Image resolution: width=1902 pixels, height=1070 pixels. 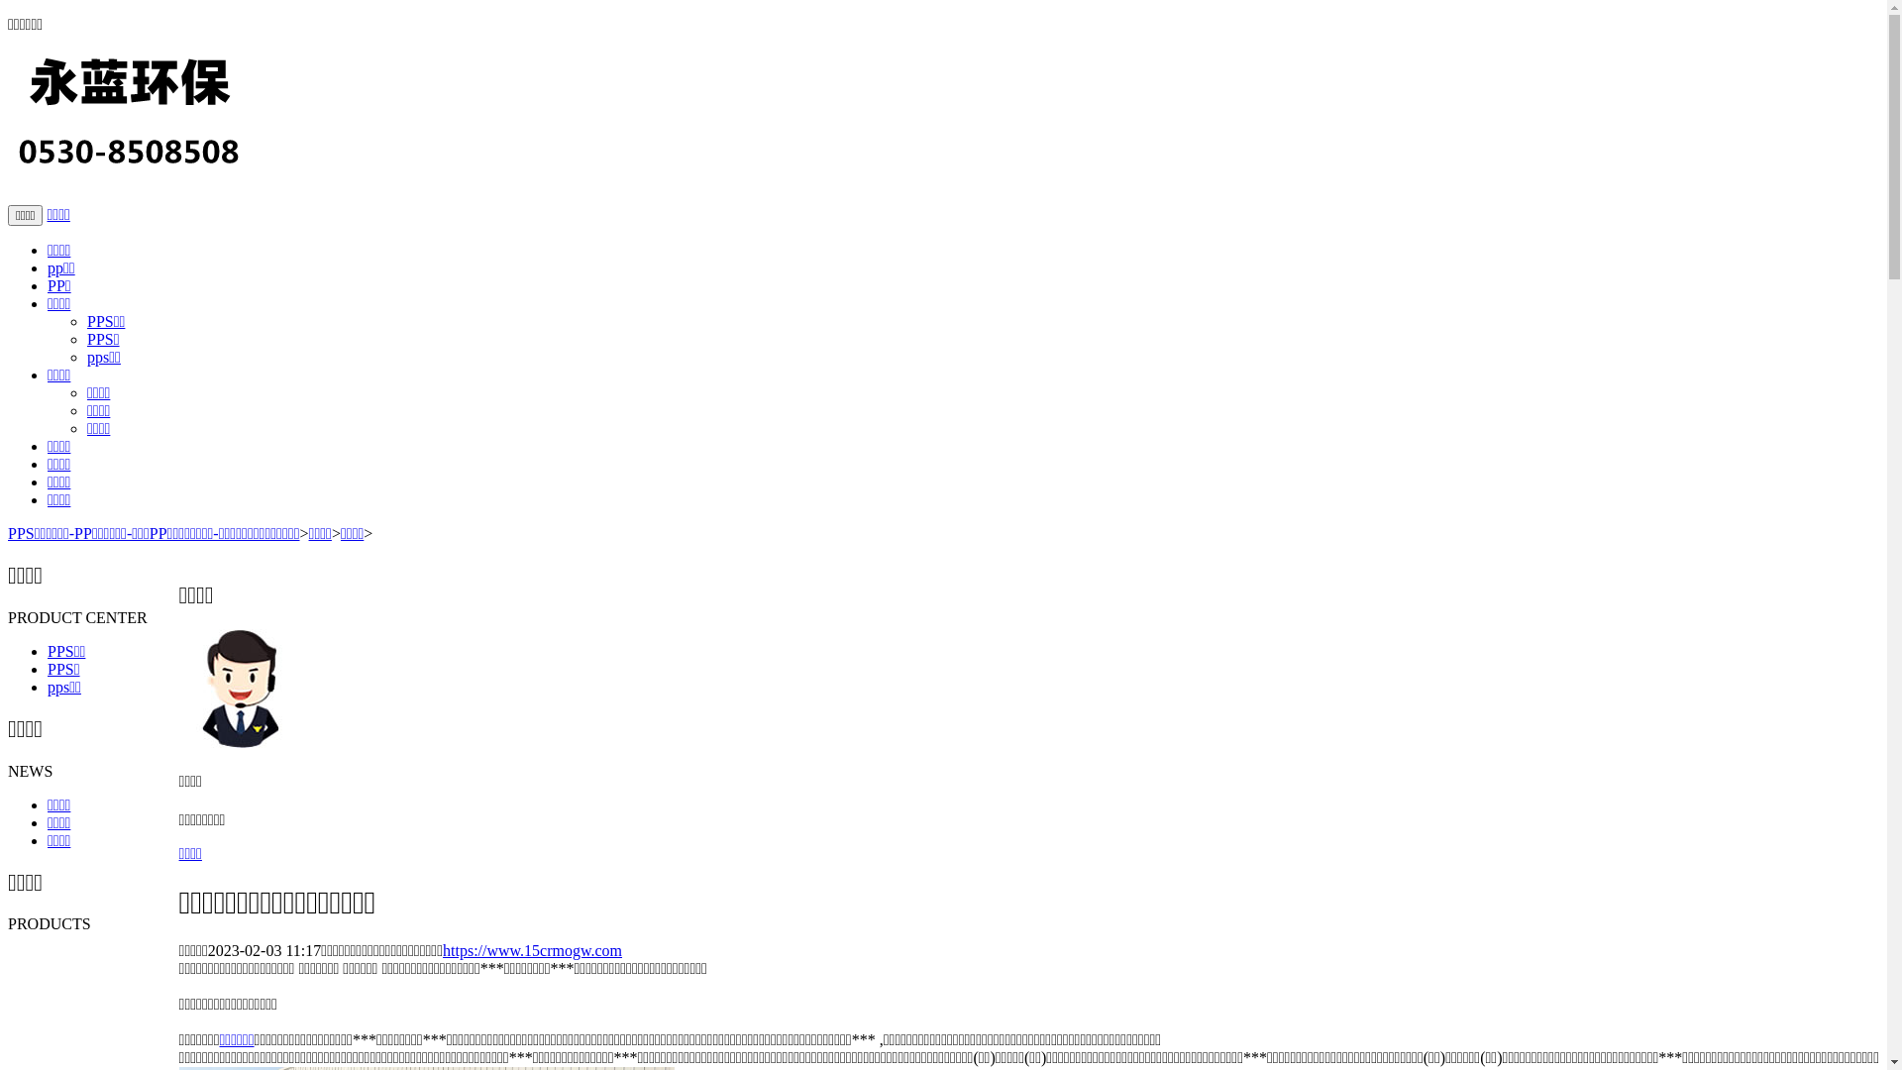 I want to click on 'https://www.15crmogw.com', so click(x=532, y=949).